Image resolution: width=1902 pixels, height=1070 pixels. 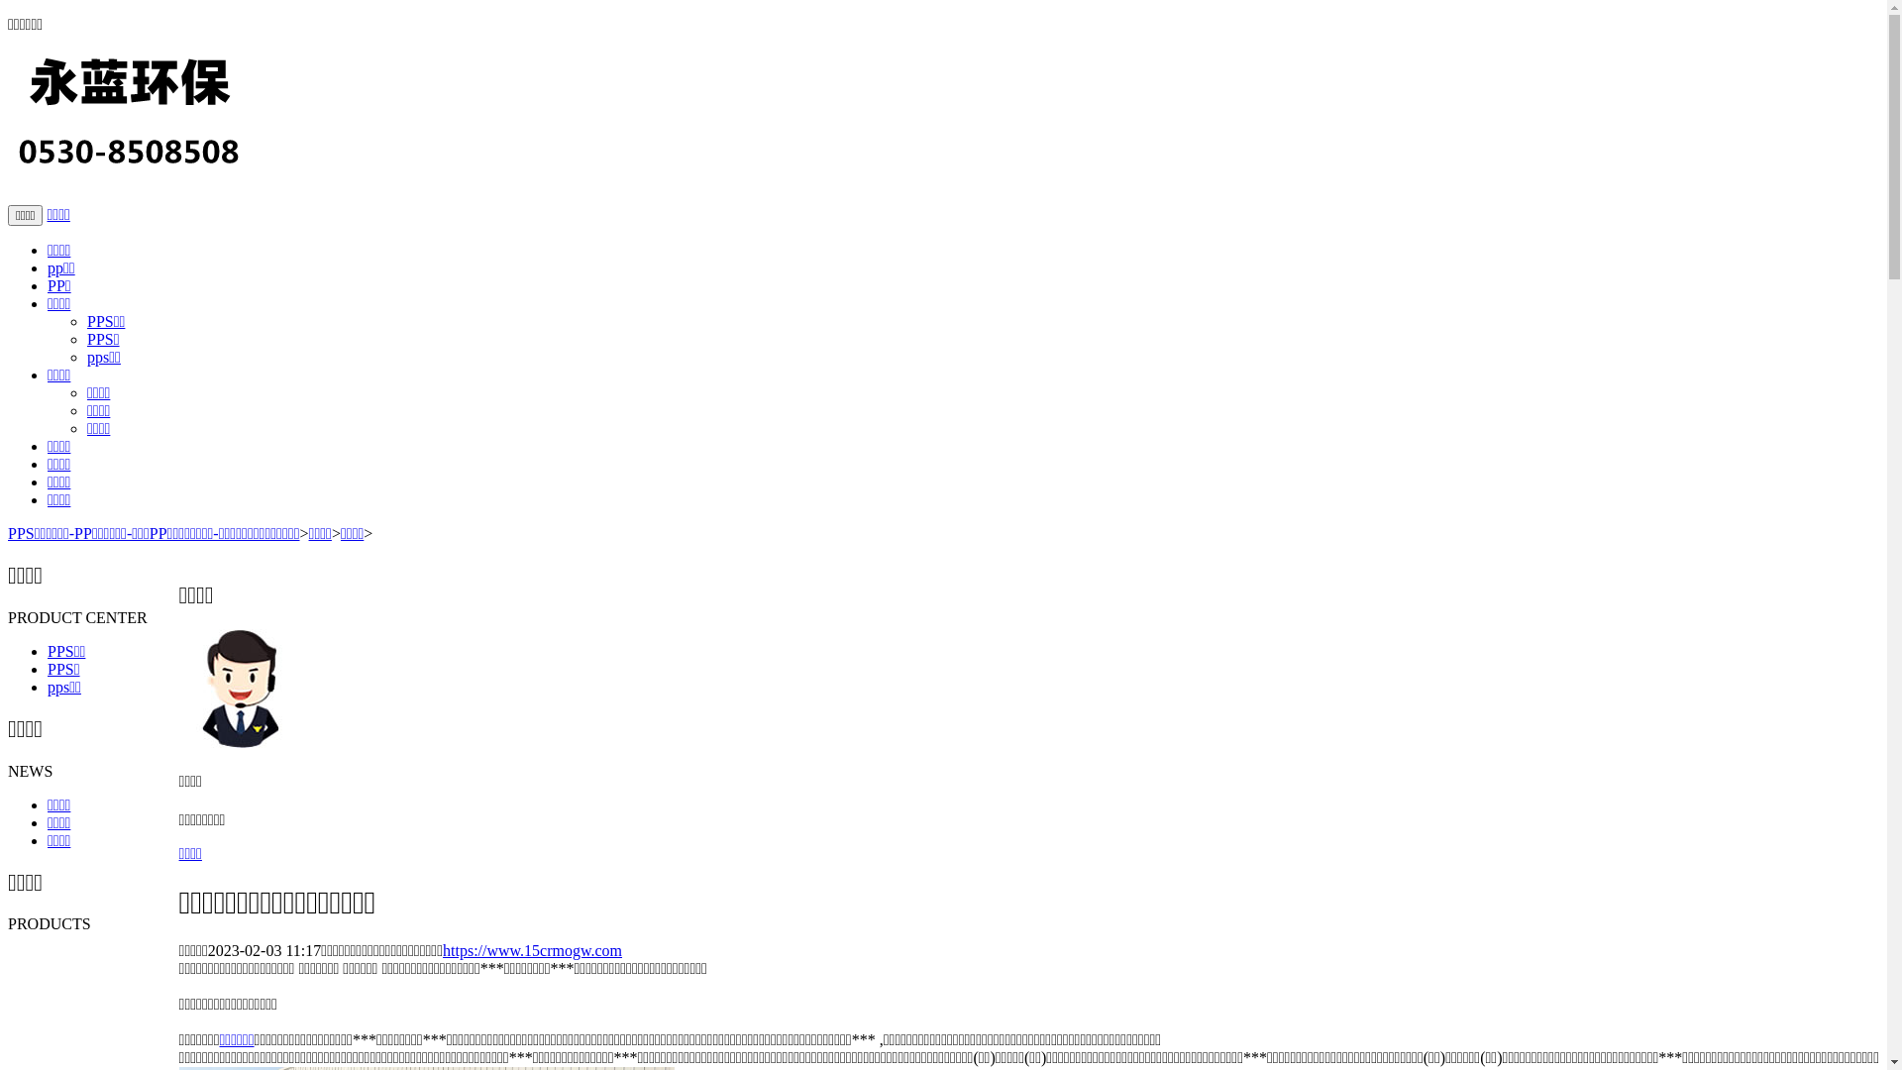 I want to click on 'https://www.15crmogw.com', so click(x=532, y=949).